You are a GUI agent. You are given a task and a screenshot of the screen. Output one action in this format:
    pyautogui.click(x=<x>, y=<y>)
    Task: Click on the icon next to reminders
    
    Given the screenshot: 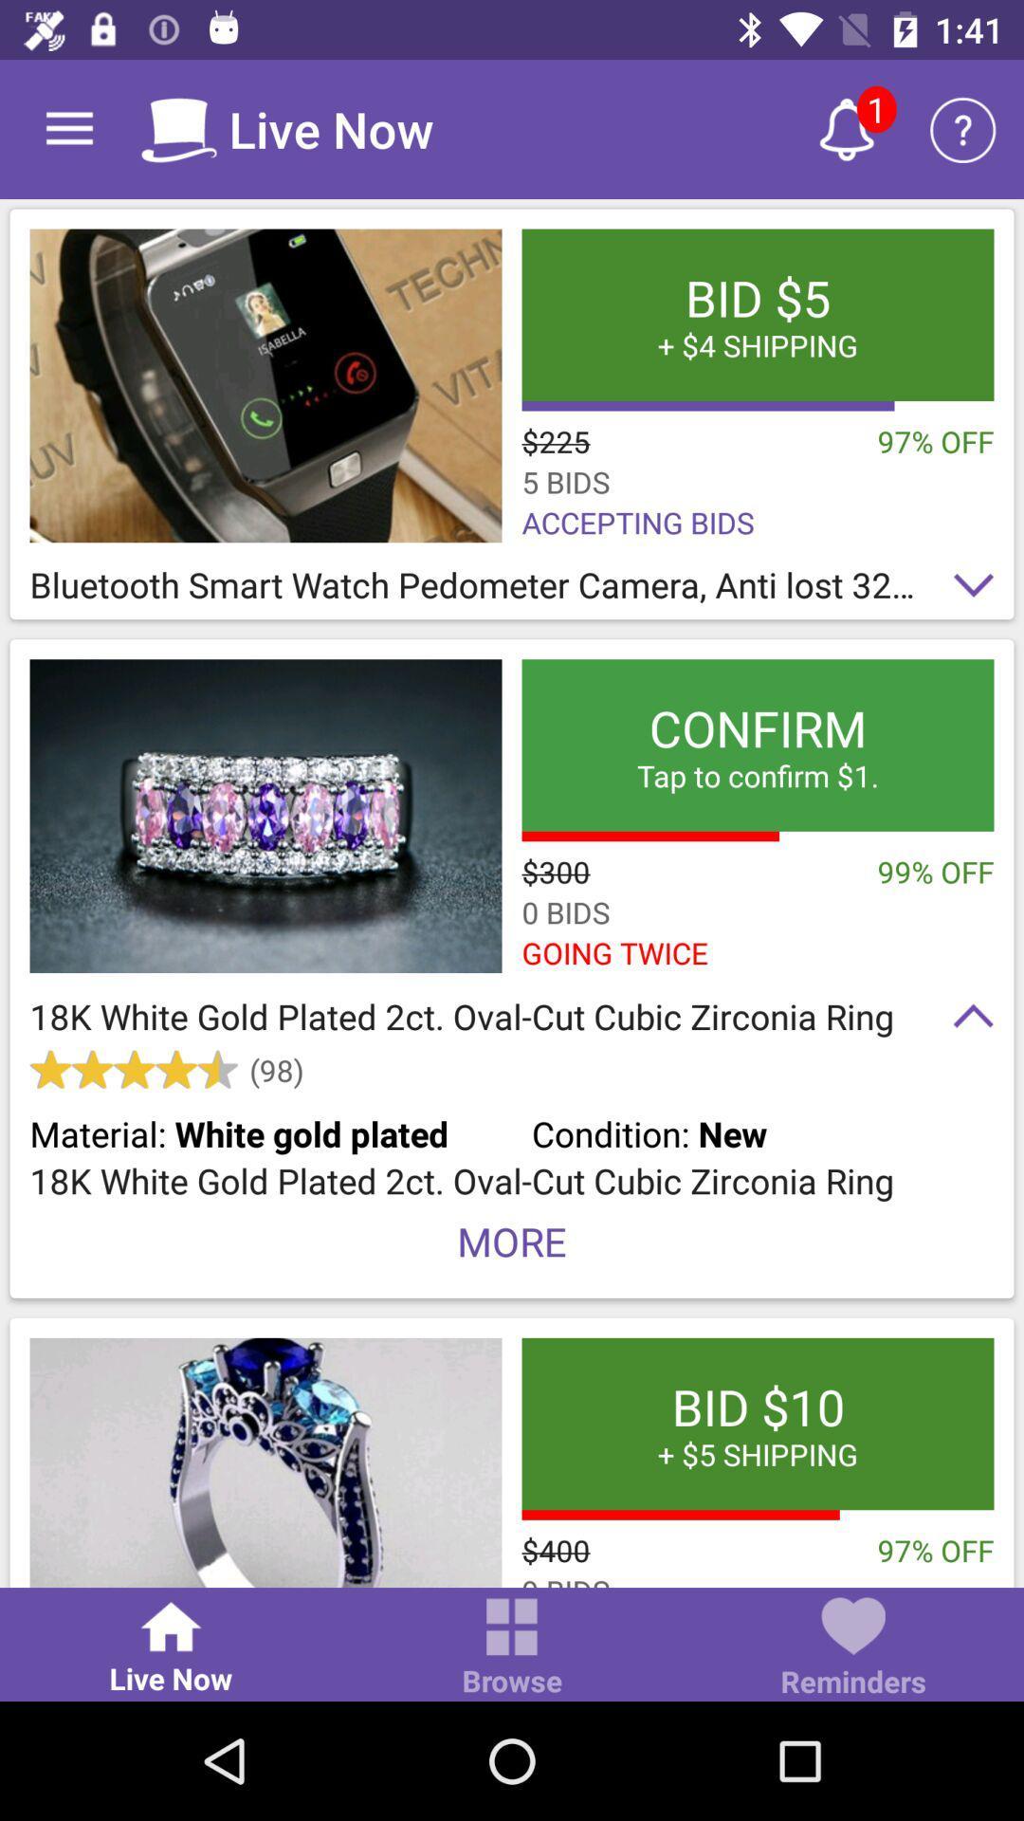 What is the action you would take?
    pyautogui.click(x=512, y=1647)
    